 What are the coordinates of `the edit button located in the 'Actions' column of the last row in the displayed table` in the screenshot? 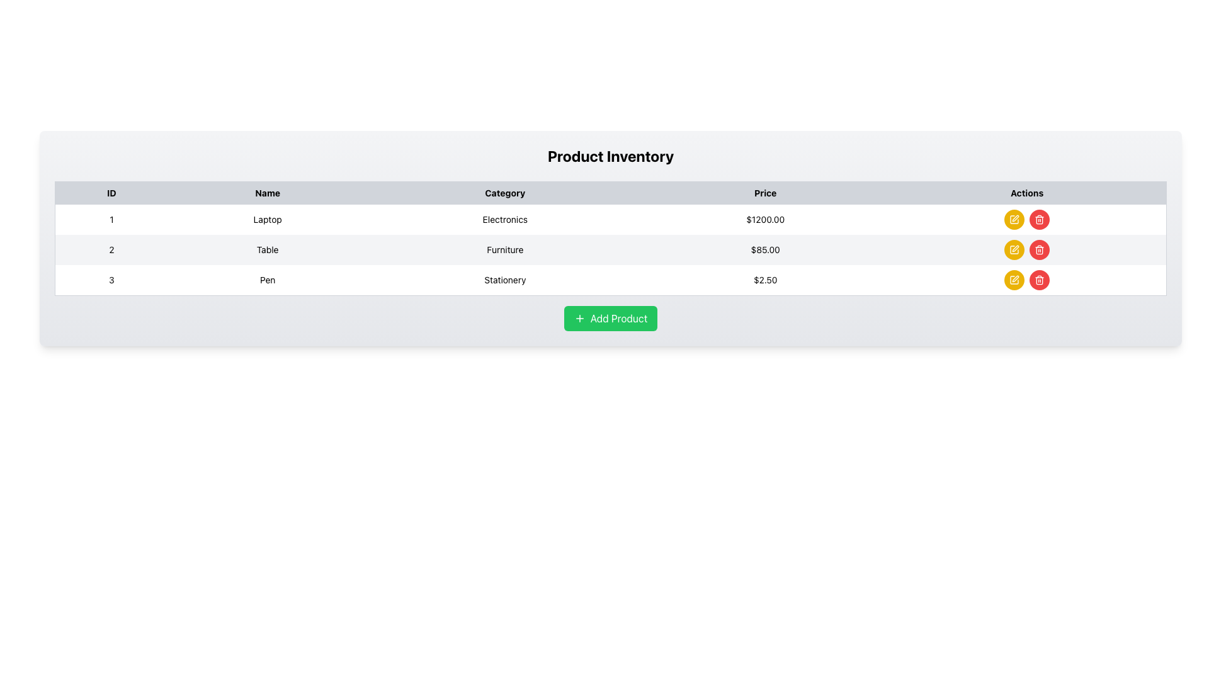 It's located at (1014, 279).